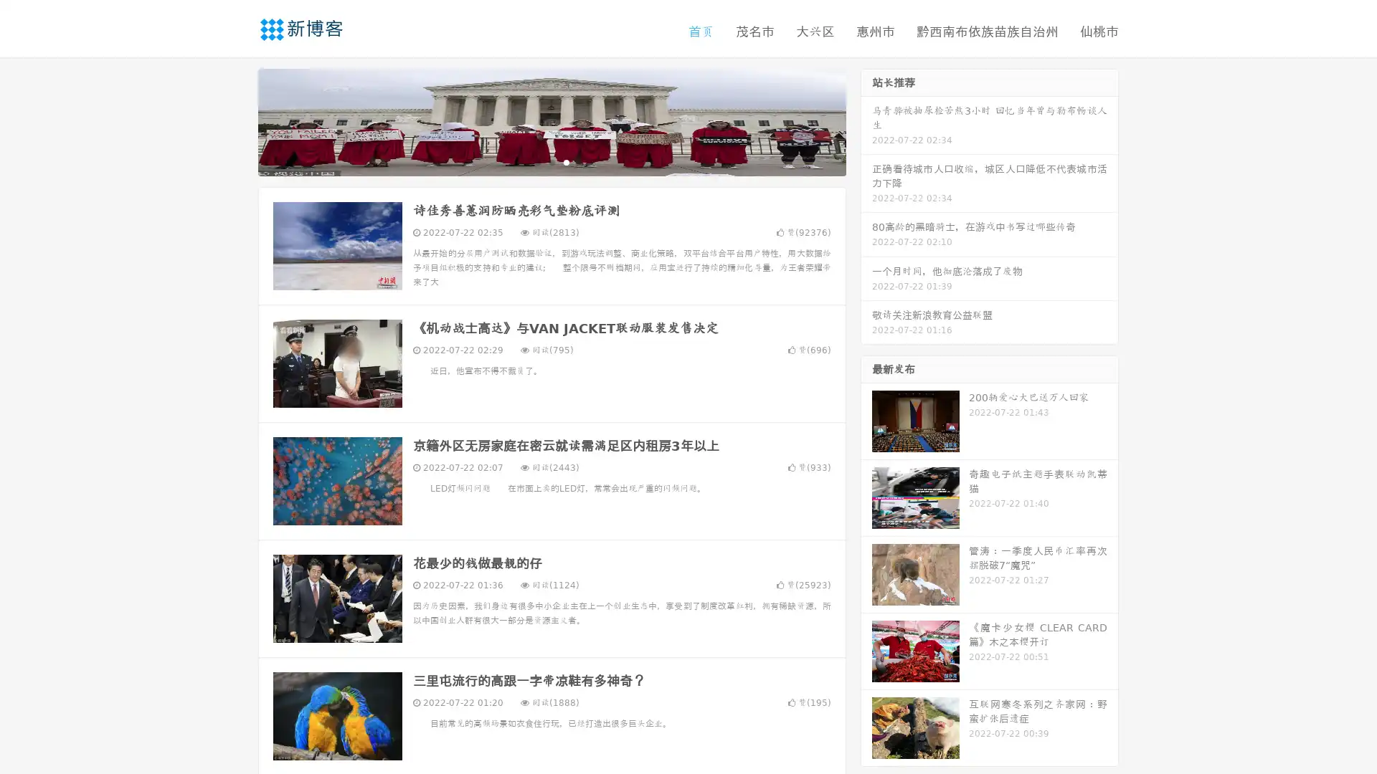 This screenshot has width=1377, height=774. What do you see at coordinates (866, 120) in the screenshot?
I see `Next slide` at bounding box center [866, 120].